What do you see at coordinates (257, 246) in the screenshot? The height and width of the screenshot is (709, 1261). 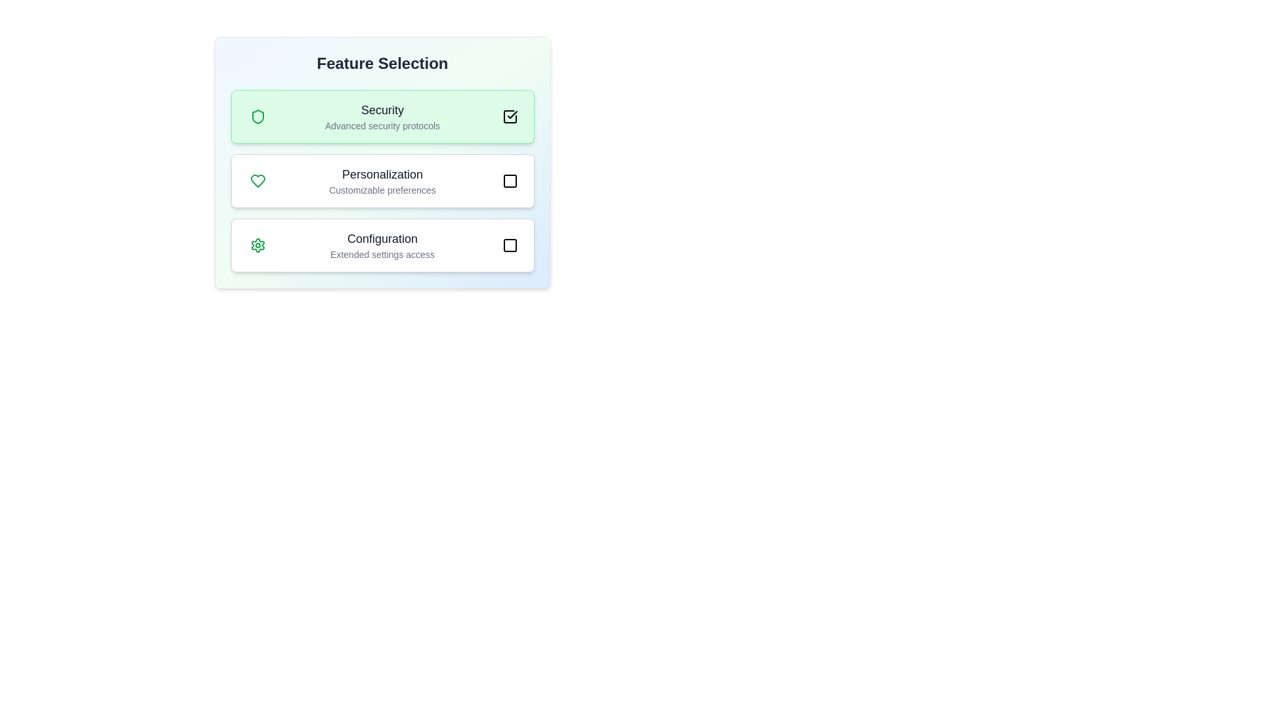 I see `the decorative 'Configuration' icon located in the third row of the 'Feature Selection' section, aligned to the left of the text` at bounding box center [257, 246].